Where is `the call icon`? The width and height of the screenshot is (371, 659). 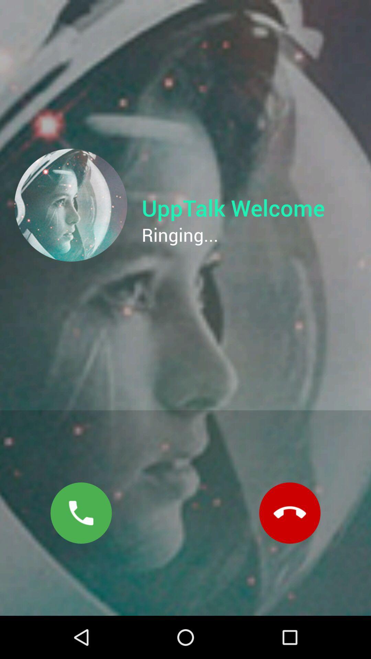
the call icon is located at coordinates (290, 513).